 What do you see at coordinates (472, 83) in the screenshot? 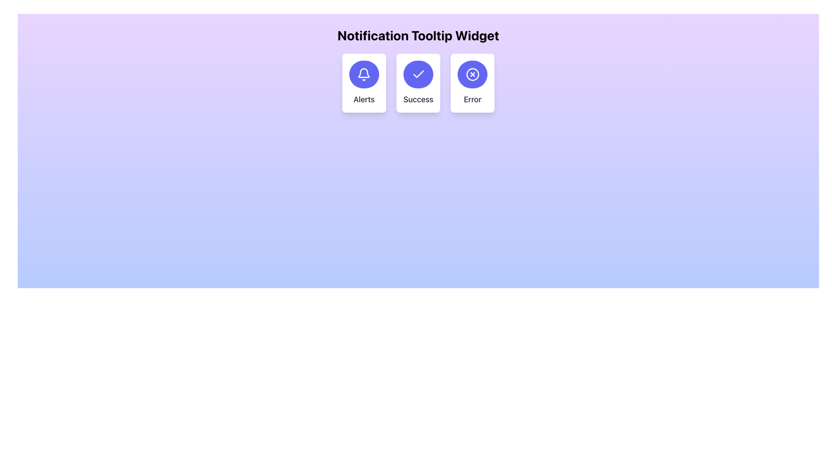
I see `the status notification indicator card, which is the rightmost element in a horizontal set of three, representing error messages` at bounding box center [472, 83].